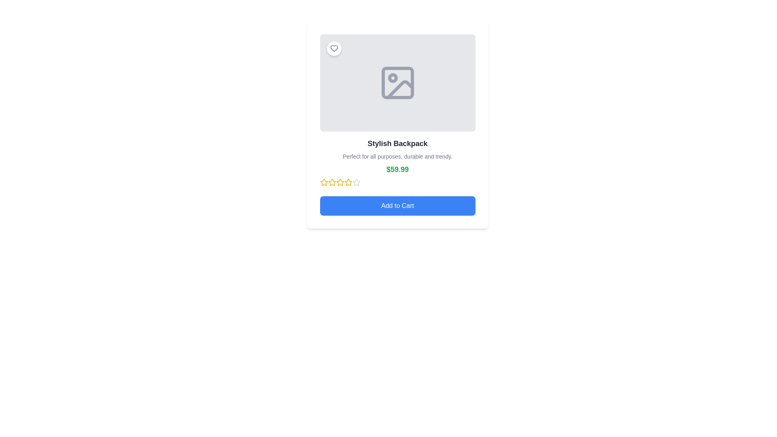 This screenshot has width=777, height=437. I want to click on the third star icon in the rating scale located below the product title and price, so click(332, 182).